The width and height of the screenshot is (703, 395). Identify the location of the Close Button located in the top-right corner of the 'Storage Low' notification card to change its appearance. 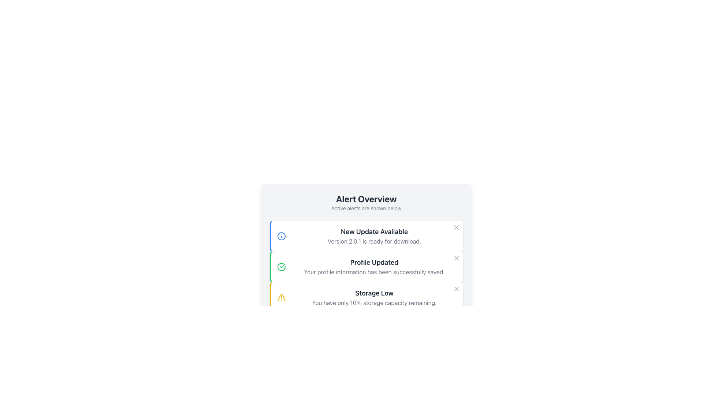
(456, 289).